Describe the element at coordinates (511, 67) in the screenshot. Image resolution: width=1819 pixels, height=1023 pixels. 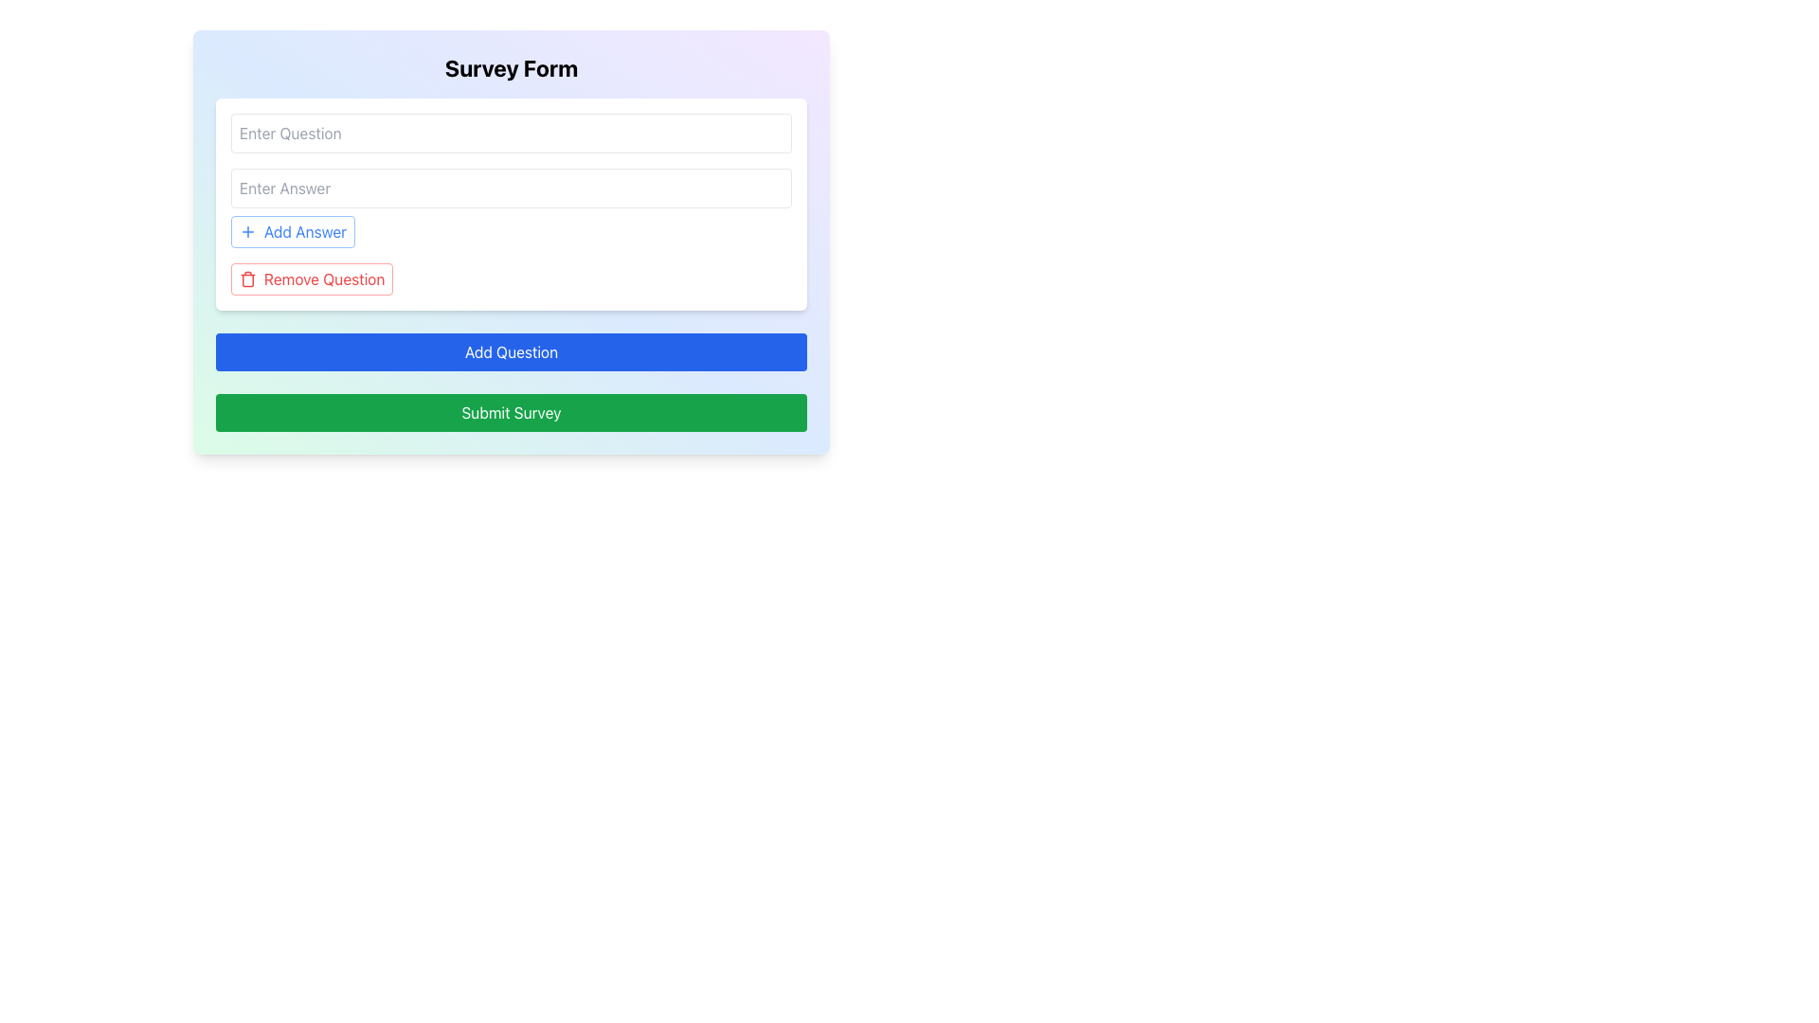
I see `the static text heading at the top of the survey form, which serves as the title or header, clearly identifying the form's purpose` at that location.